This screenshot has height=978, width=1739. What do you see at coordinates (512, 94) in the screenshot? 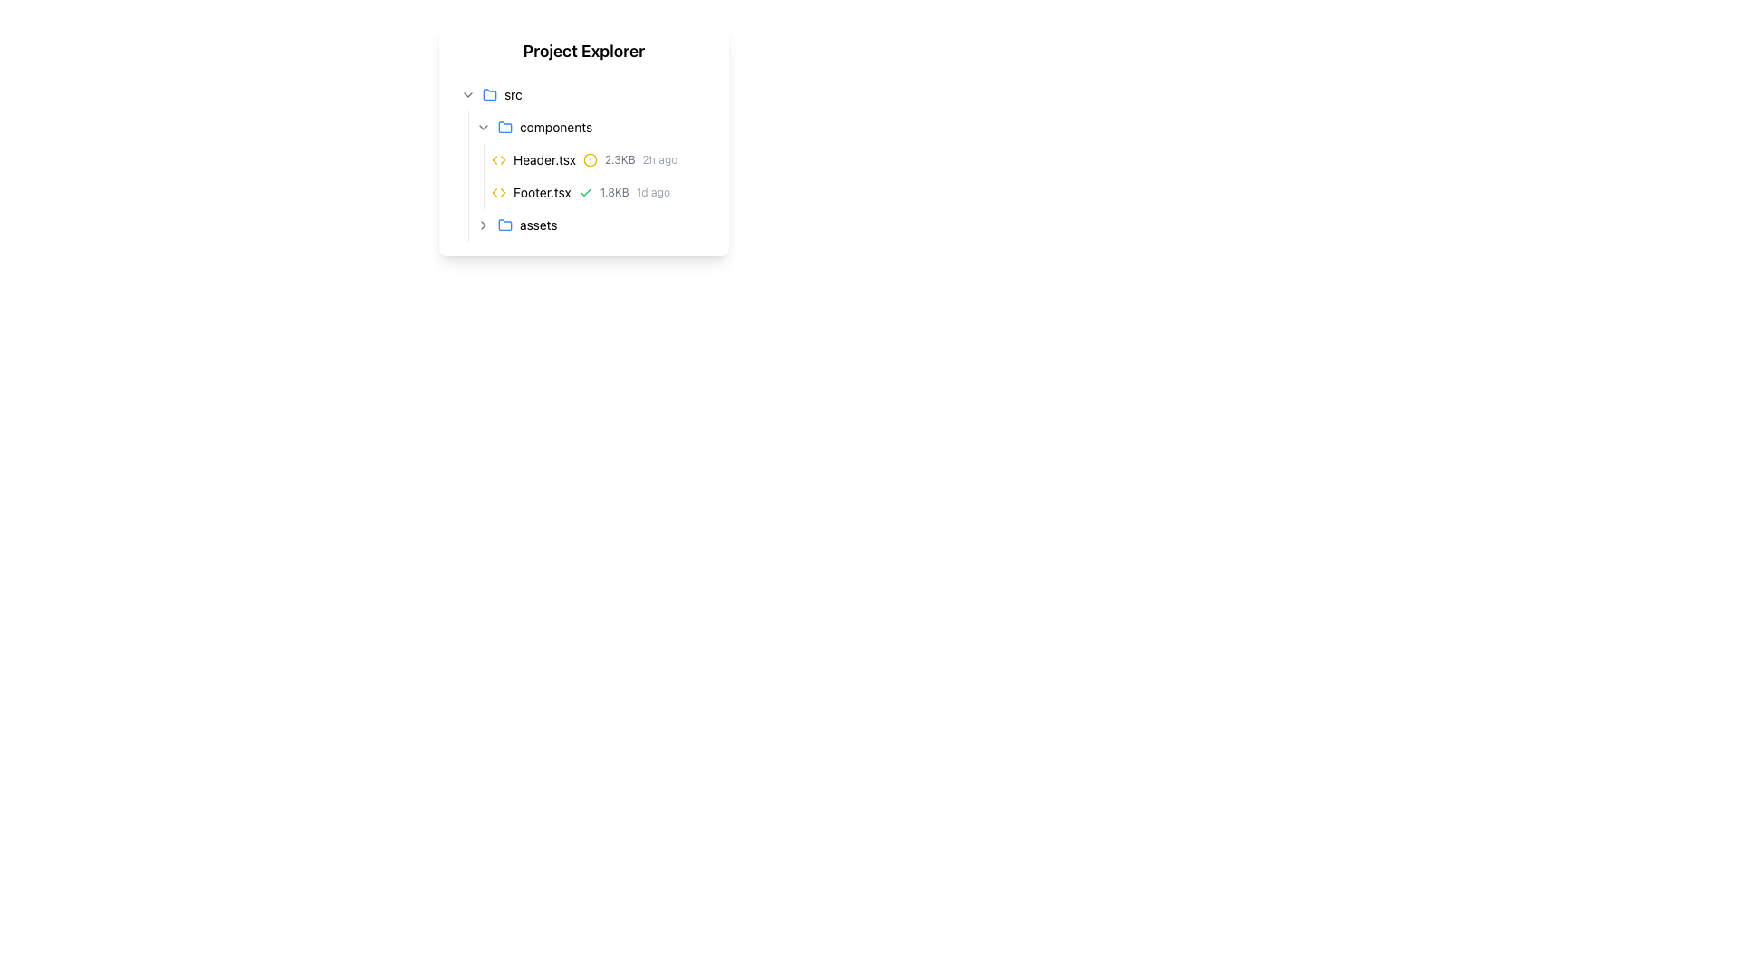
I see `the text label element displaying 'src', which is positioned centrally within a horizontal group of elements, located under the 'Project Explorer' label` at bounding box center [512, 94].